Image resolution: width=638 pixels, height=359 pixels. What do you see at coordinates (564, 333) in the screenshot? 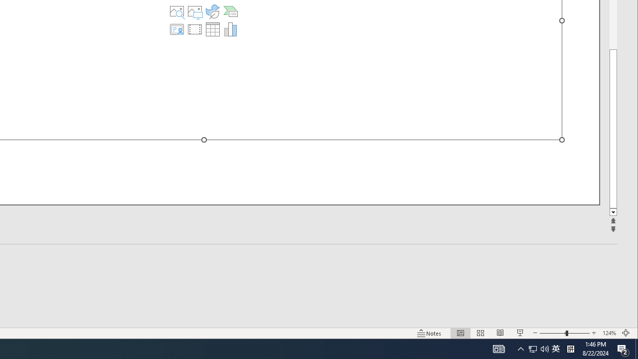
I see `'Zoom'` at bounding box center [564, 333].